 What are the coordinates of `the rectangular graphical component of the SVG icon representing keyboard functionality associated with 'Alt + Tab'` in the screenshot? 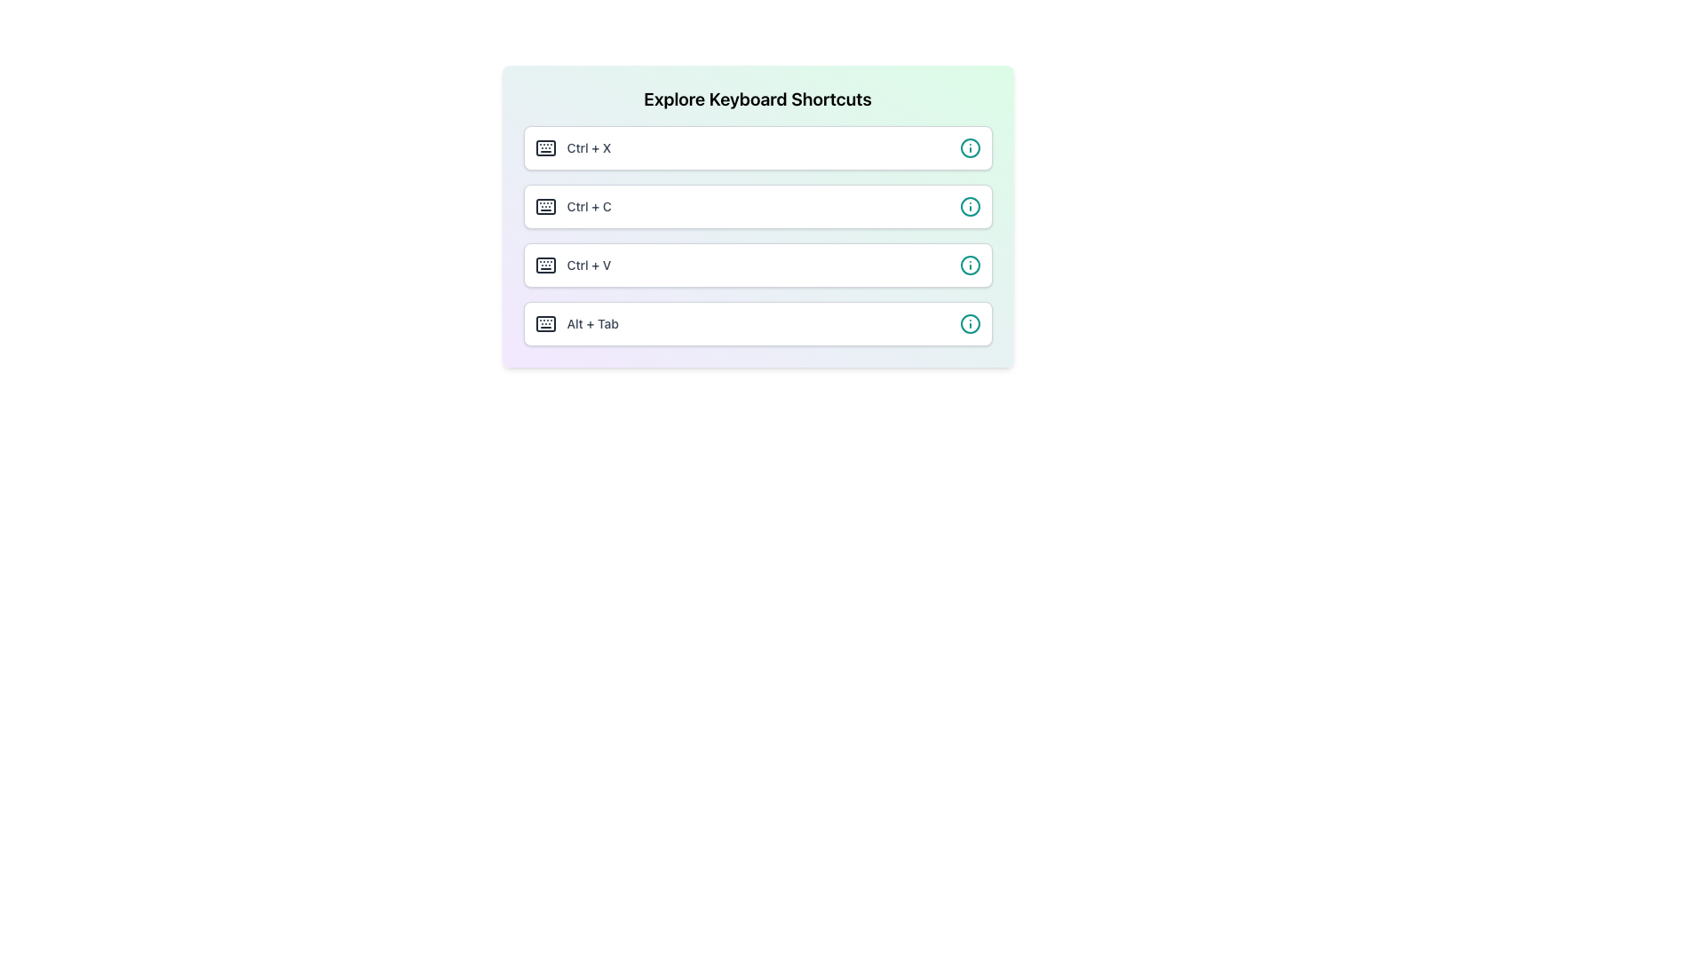 It's located at (544, 324).